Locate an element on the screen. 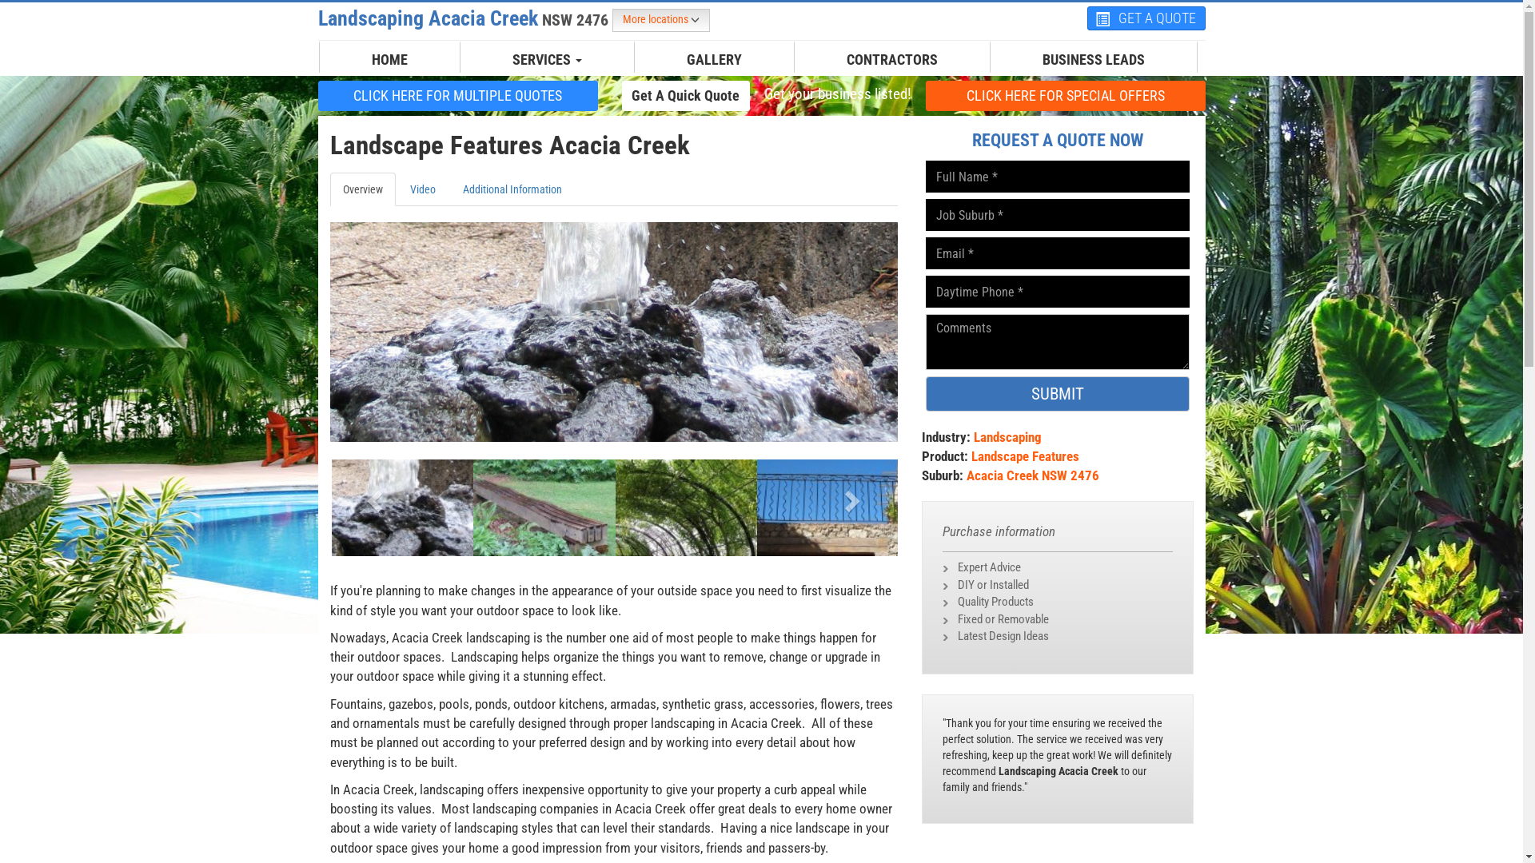  'SUBMIT' is located at coordinates (1058, 394).